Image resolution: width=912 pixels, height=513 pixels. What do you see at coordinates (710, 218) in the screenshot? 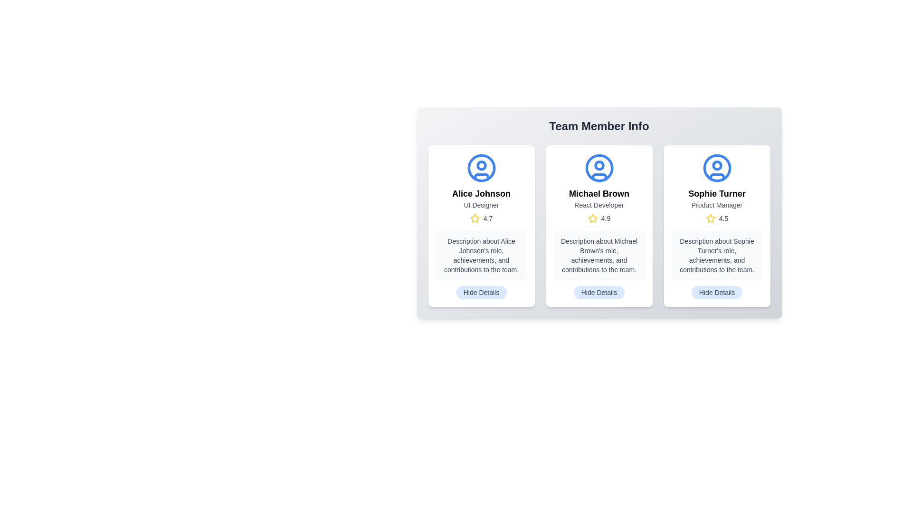
I see `the yellow five-pointed star icon next to the rating for 'Sophie Turner' in the 'Team Member Info' section` at bounding box center [710, 218].